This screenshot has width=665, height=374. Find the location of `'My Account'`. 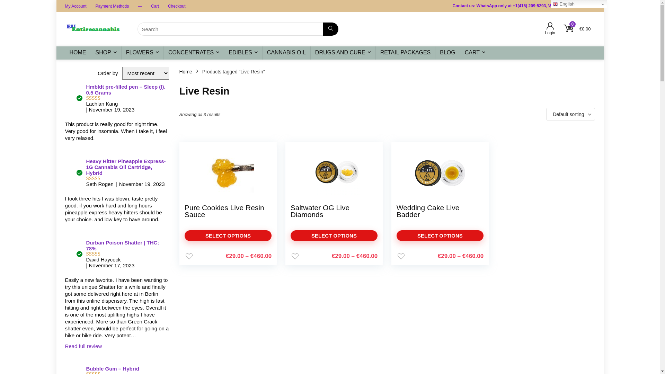

'My Account' is located at coordinates (76, 6).